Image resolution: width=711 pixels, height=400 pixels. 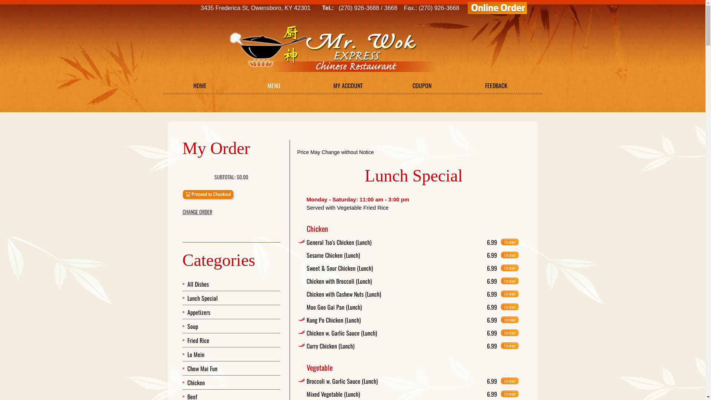 What do you see at coordinates (196, 383) in the screenshot?
I see `'Chicken'` at bounding box center [196, 383].